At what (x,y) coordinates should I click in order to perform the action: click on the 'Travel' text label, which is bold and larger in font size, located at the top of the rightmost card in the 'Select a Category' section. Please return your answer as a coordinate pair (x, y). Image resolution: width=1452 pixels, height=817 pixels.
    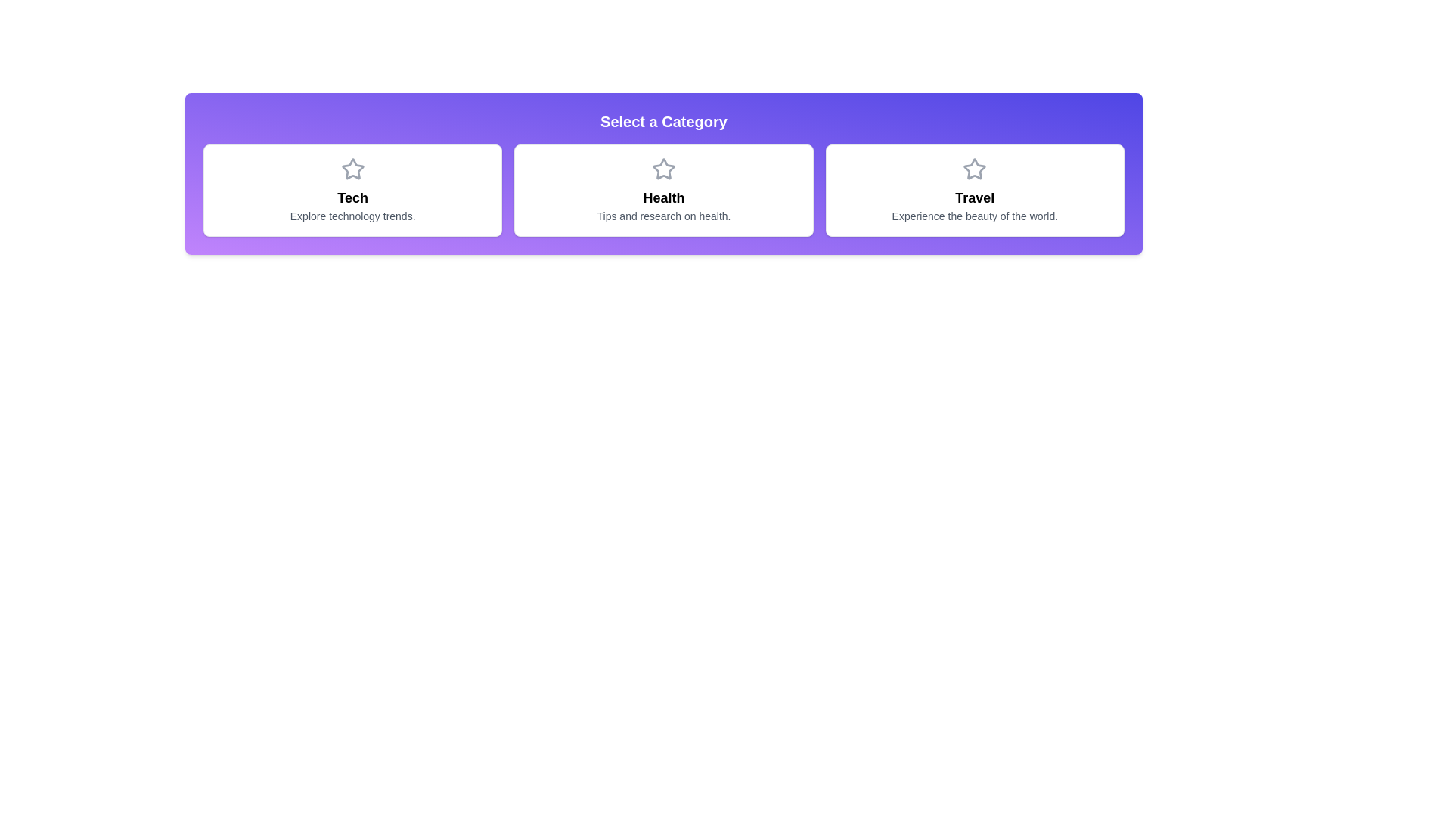
    Looking at the image, I should click on (975, 197).